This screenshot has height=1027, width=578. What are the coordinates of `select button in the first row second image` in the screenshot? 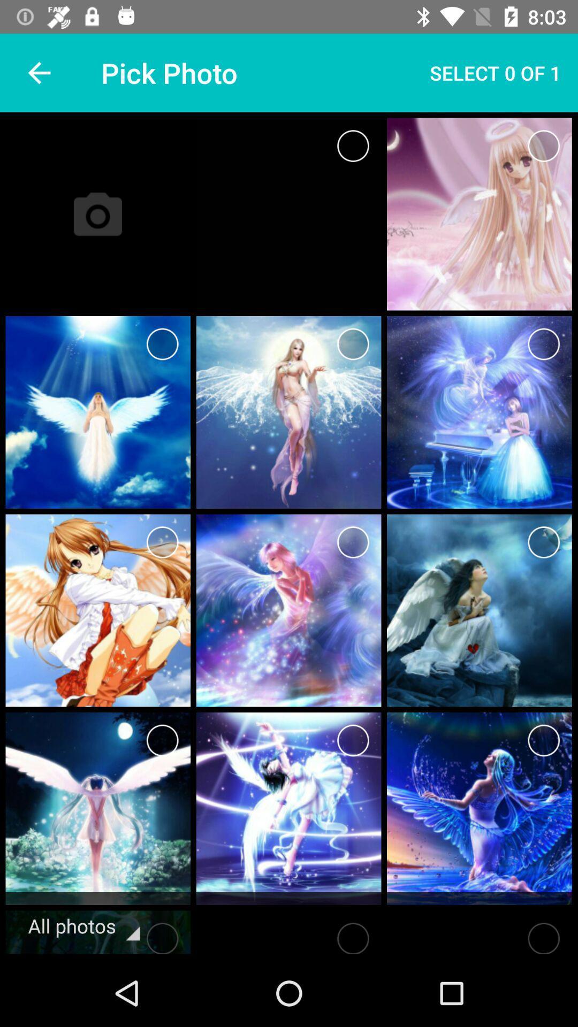 It's located at (544, 145).